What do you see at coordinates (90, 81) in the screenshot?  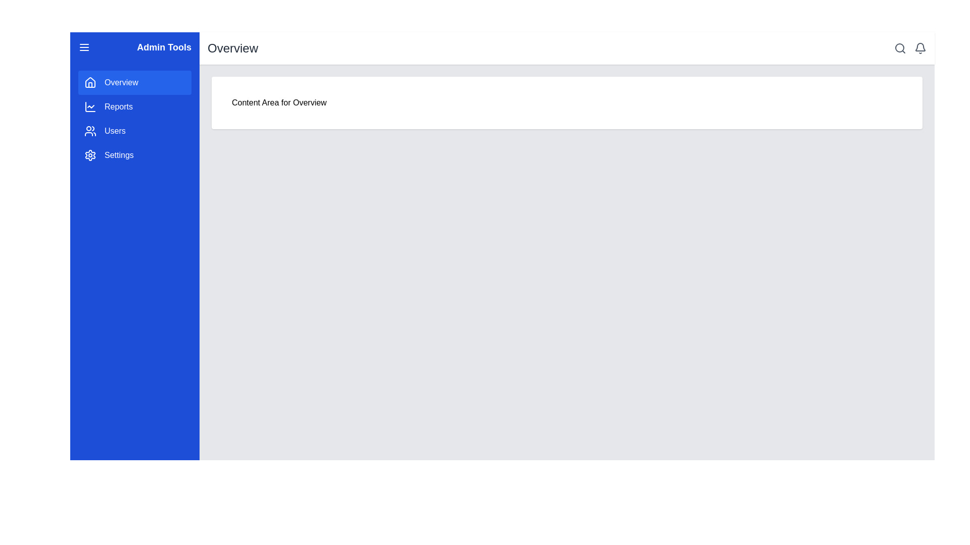 I see `the house-shaped SVG icon located in the sidebar menu` at bounding box center [90, 81].